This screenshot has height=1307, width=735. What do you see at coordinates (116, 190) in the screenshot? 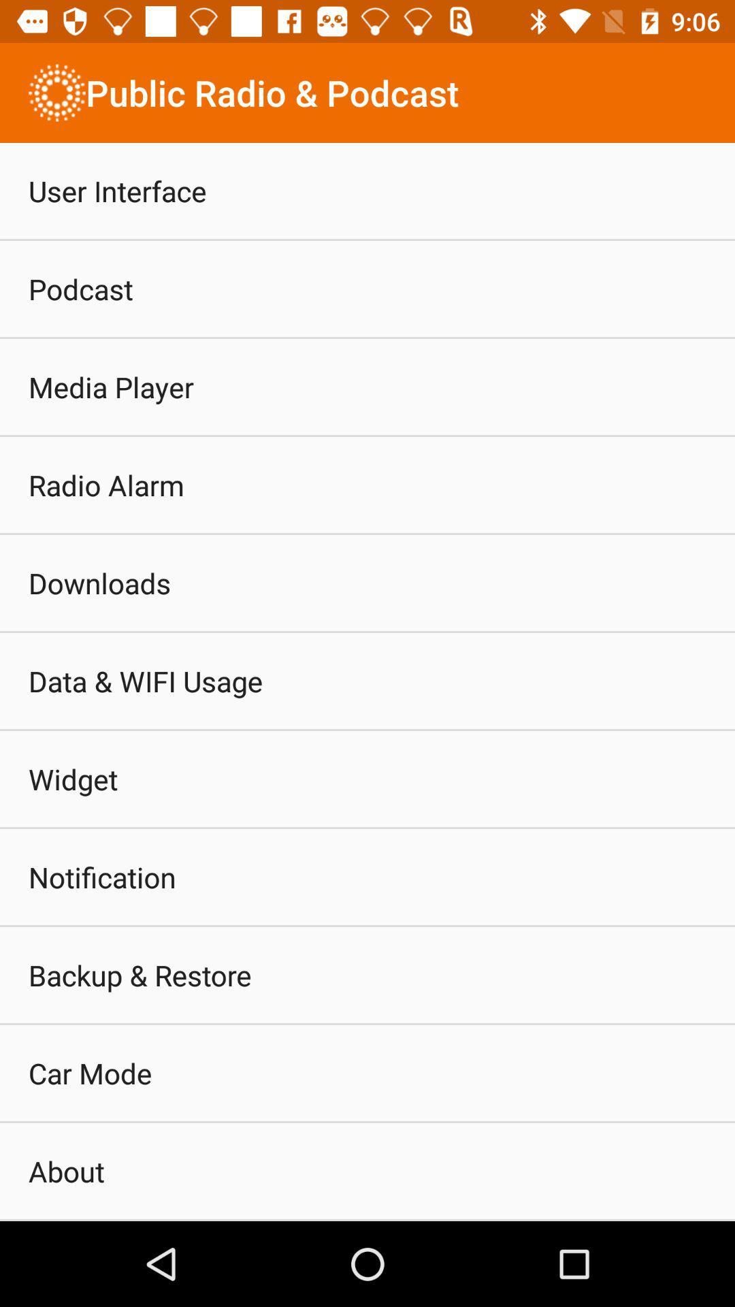
I see `the user interface item` at bounding box center [116, 190].